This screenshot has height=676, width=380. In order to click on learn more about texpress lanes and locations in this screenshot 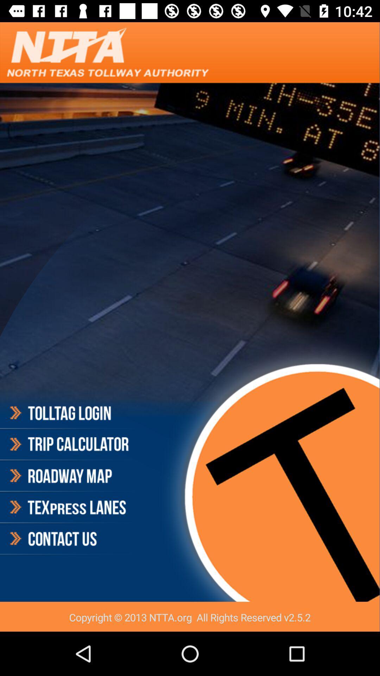, I will do `click(68, 507)`.